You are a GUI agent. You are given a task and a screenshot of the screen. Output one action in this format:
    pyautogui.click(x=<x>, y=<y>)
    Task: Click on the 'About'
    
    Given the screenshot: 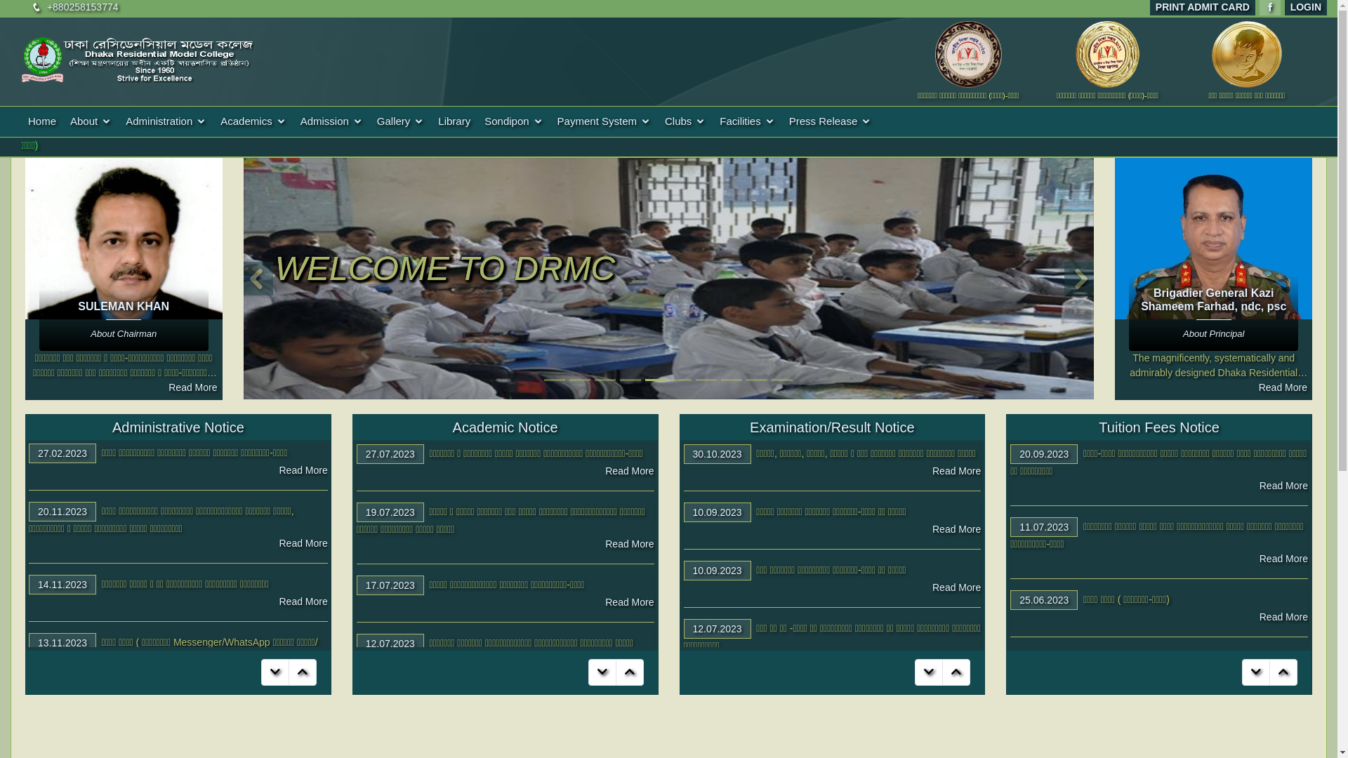 What is the action you would take?
    pyautogui.click(x=90, y=121)
    